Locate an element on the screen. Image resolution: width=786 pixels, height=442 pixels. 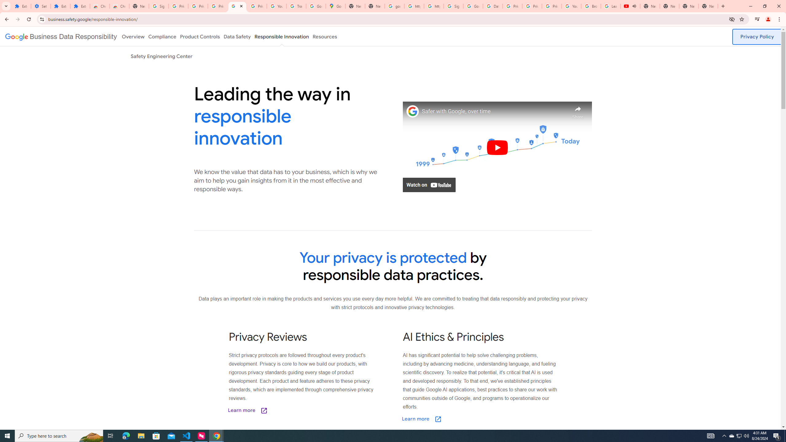
'Product Controls' is located at coordinates (200, 36).